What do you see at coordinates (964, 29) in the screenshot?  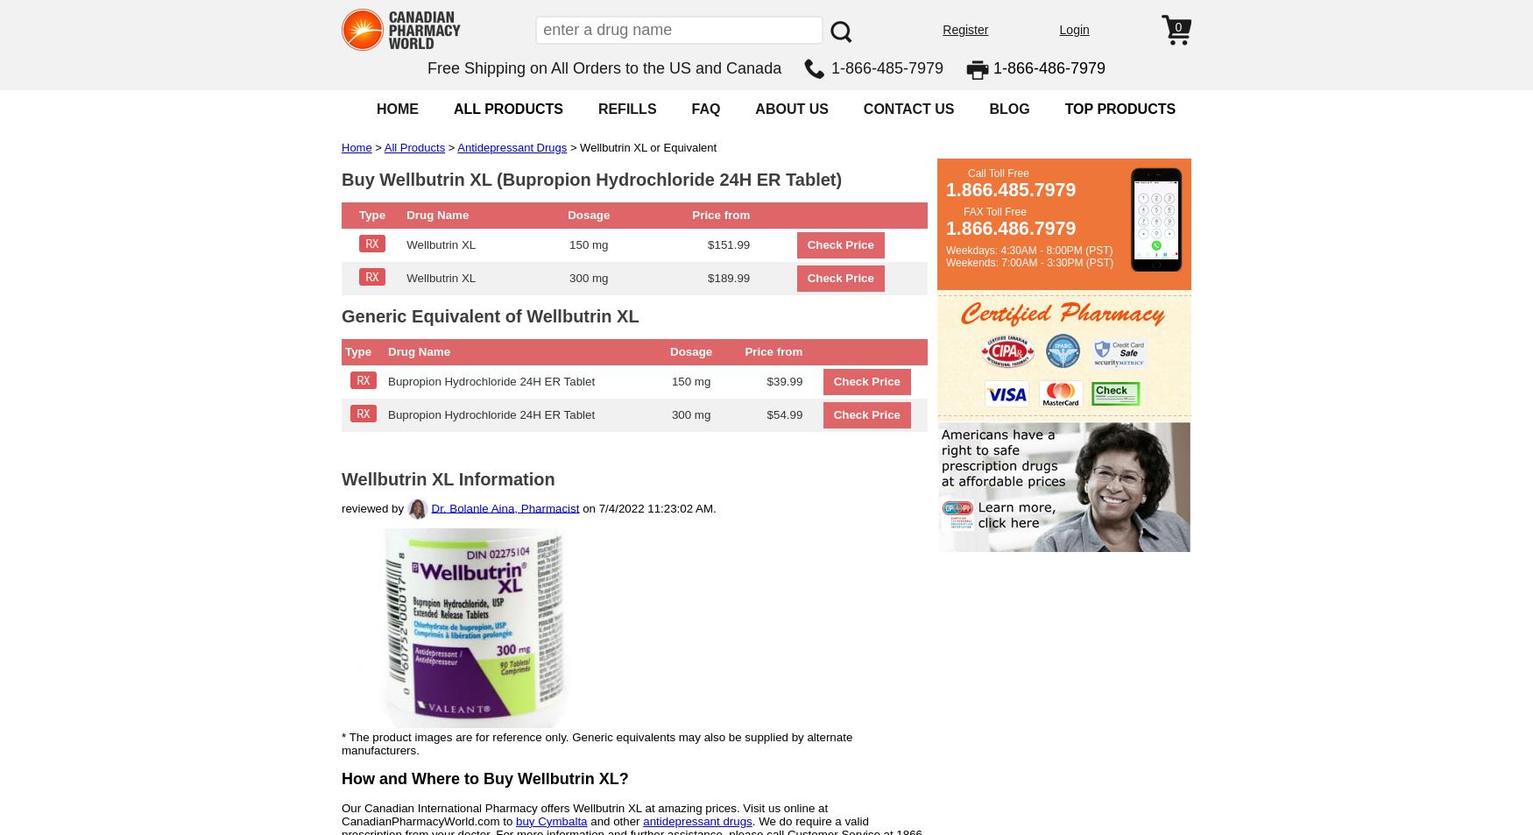 I see `'Register'` at bounding box center [964, 29].